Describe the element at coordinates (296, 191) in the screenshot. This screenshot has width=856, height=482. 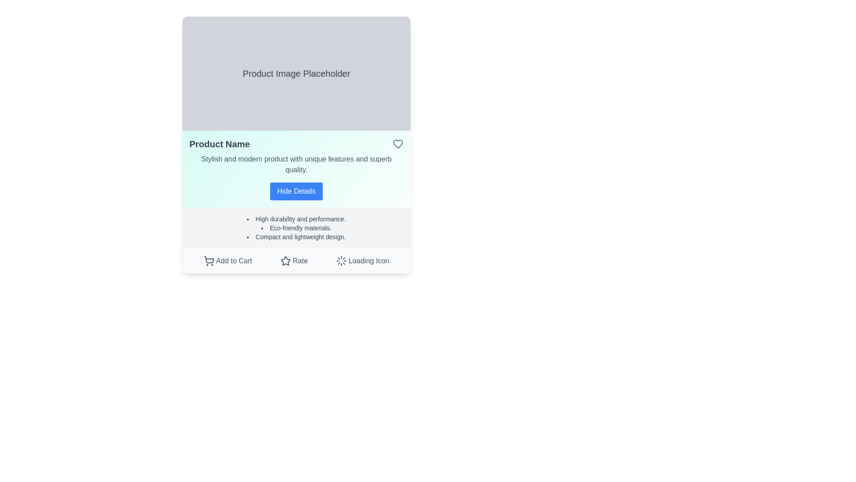
I see `the bright blue button with white bold text 'Hide Details'` at that location.